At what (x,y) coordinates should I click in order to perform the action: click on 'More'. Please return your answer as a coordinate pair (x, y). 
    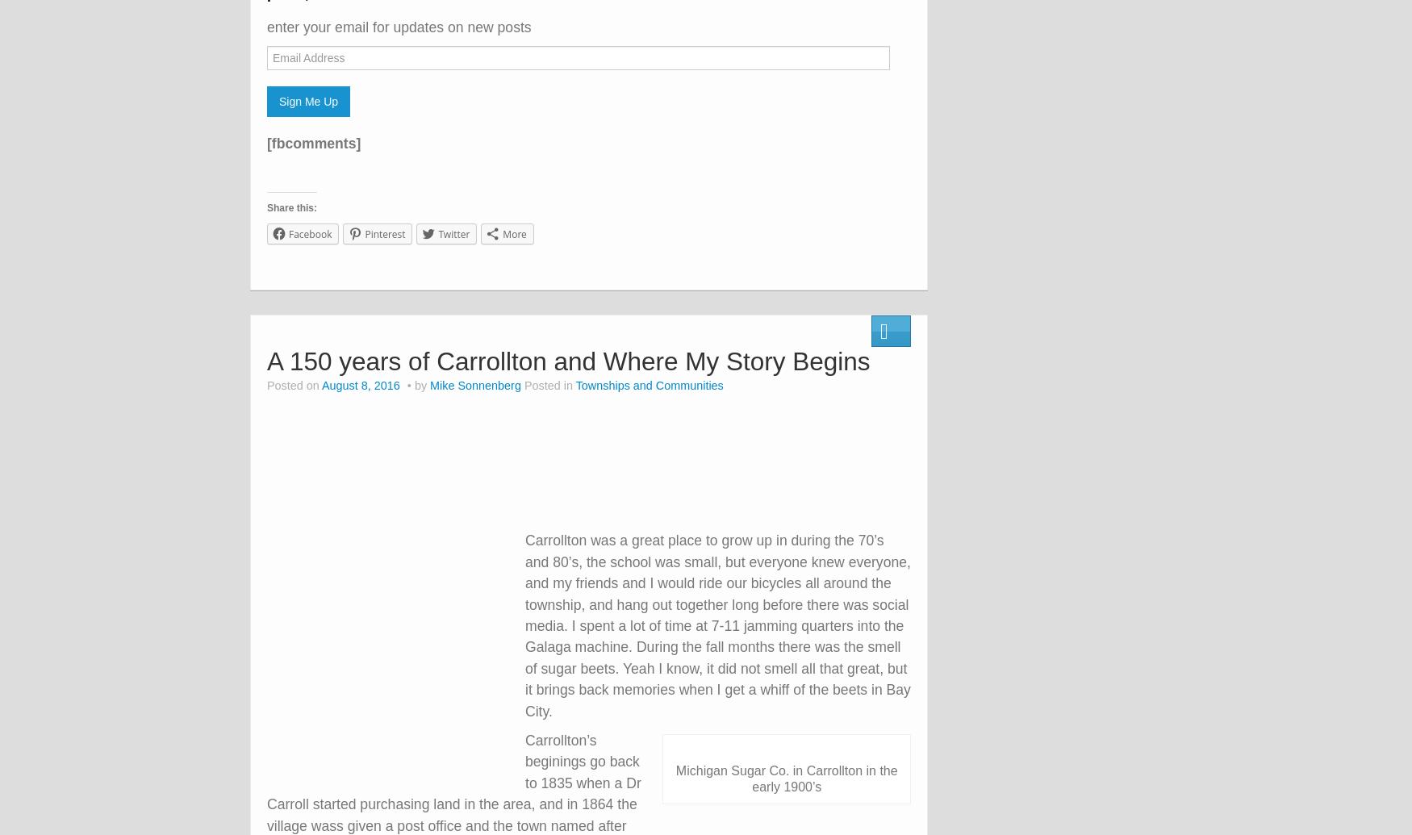
    Looking at the image, I should click on (513, 234).